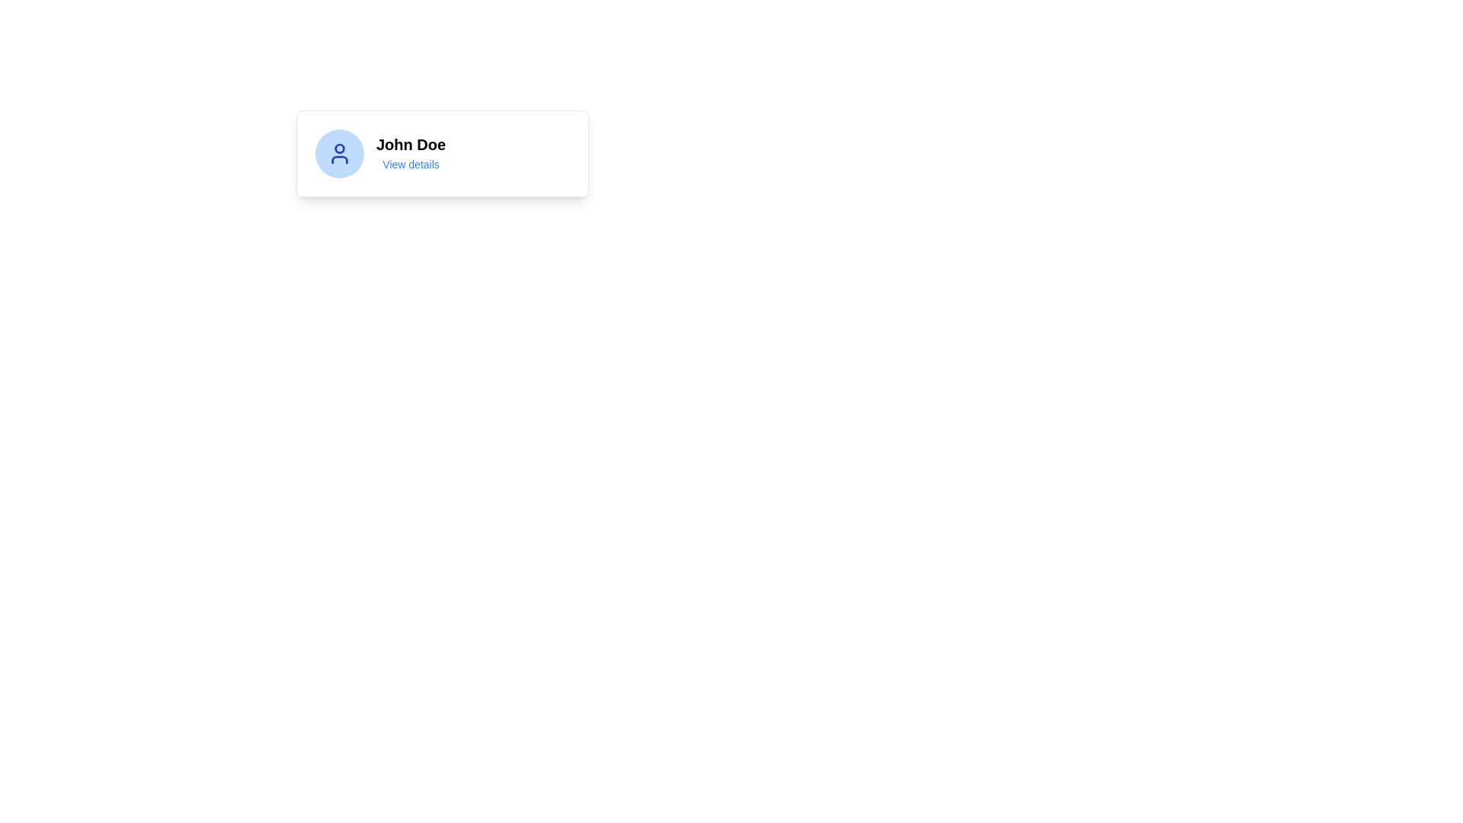  What do you see at coordinates (339, 153) in the screenshot?
I see `the blue user icon with a circular profile and shoulders outline, which is located to the left of the 'John Doe' text and 'View details' link` at bounding box center [339, 153].